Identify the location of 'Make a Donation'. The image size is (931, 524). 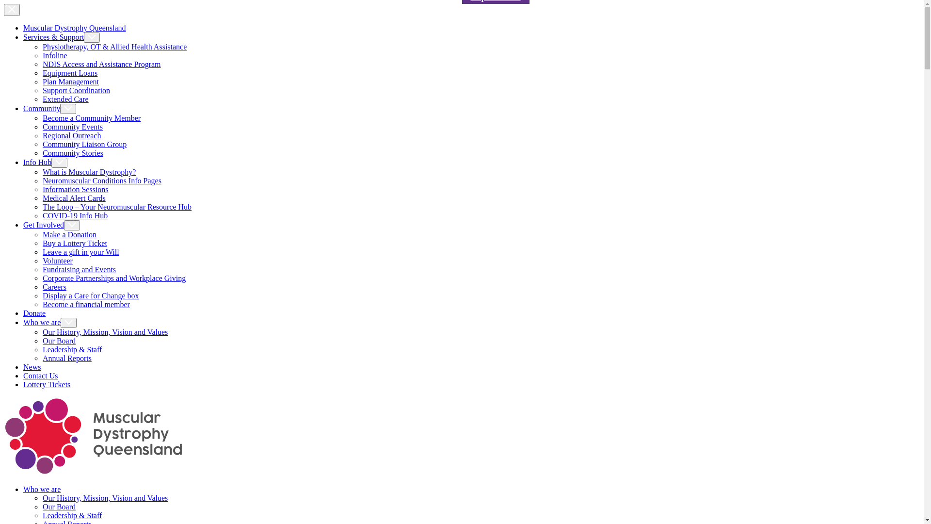
(69, 234).